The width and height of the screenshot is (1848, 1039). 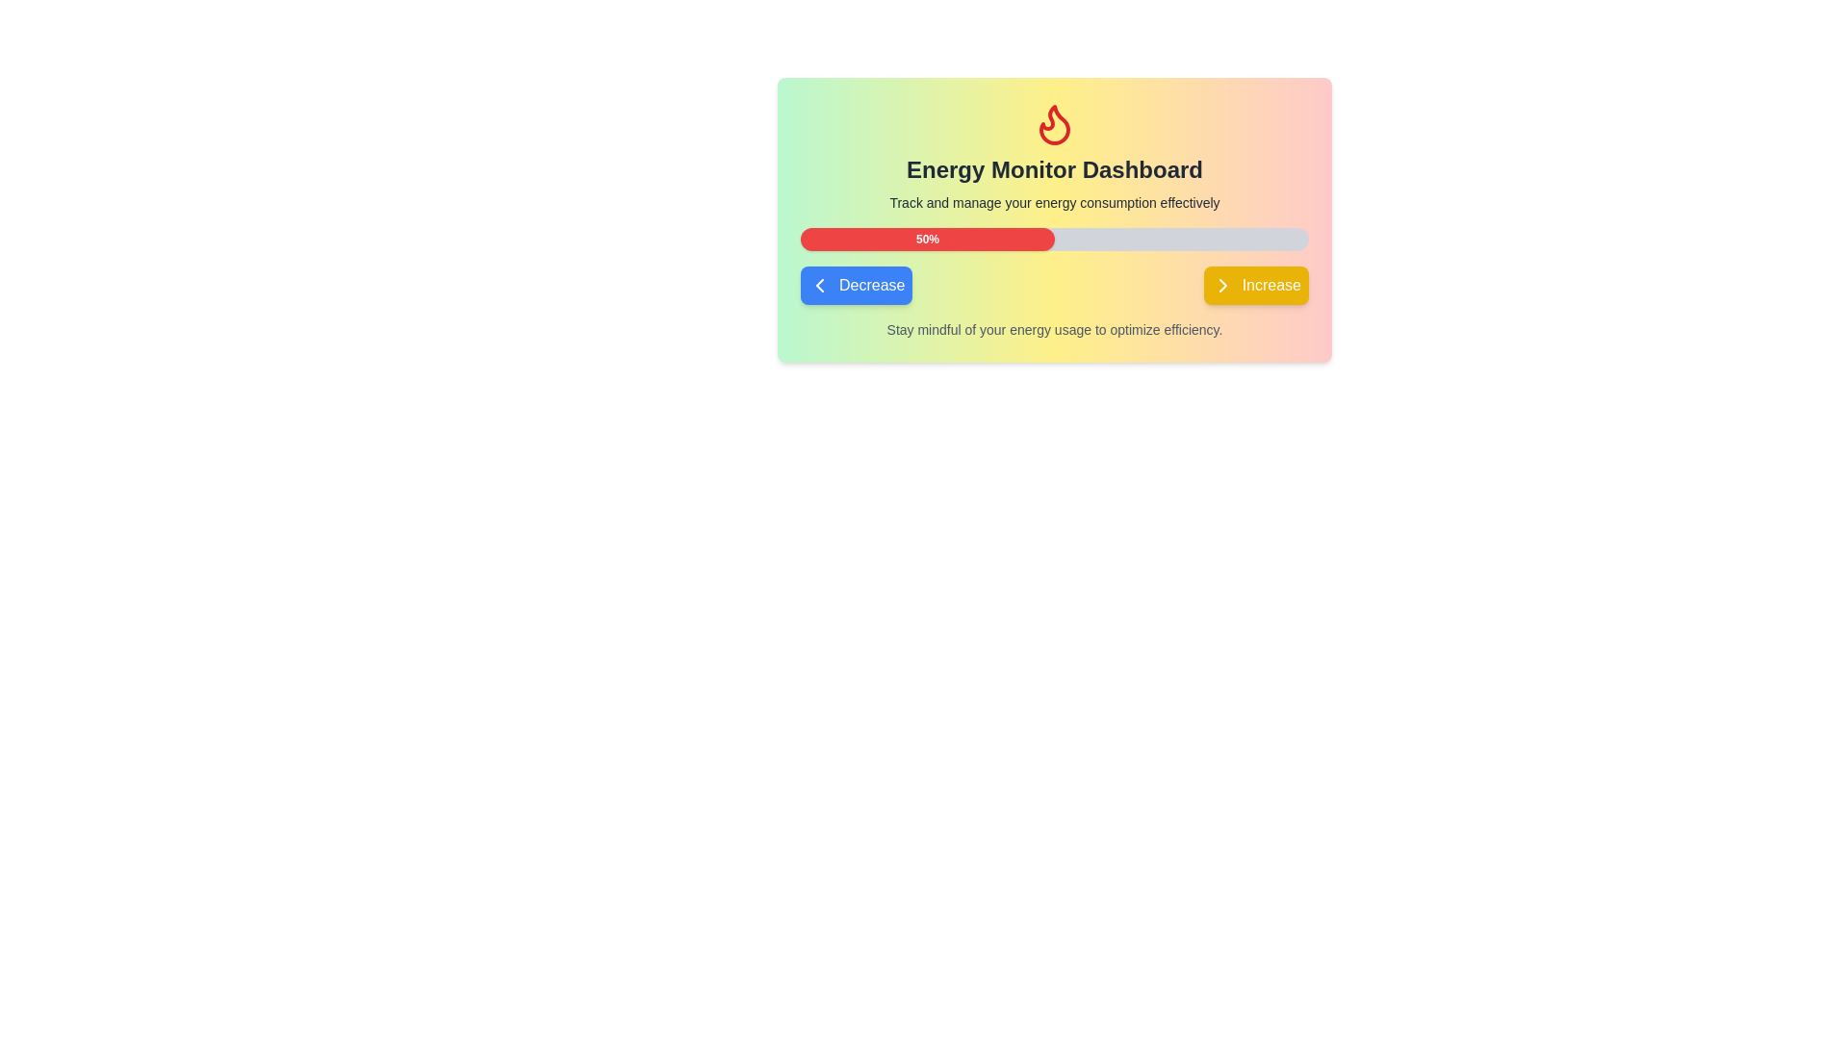 What do you see at coordinates (1053, 218) in the screenshot?
I see `the progress bar in the Energy Monitor Dashboard card, which features a red section indicating 50% completion` at bounding box center [1053, 218].